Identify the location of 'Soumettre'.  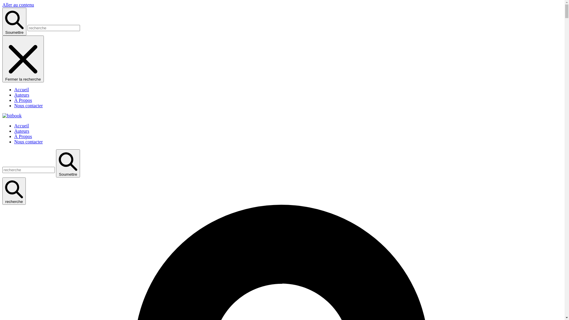
(56, 163).